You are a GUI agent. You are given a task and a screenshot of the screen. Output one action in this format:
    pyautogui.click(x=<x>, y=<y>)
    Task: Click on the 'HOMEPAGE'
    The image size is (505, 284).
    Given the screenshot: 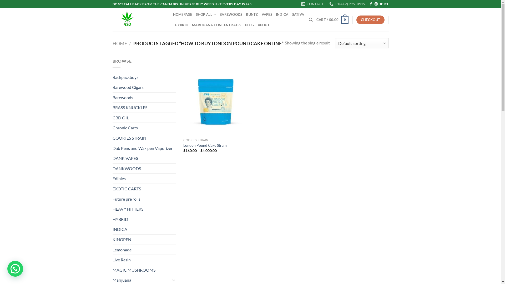 What is the action you would take?
    pyautogui.click(x=183, y=14)
    